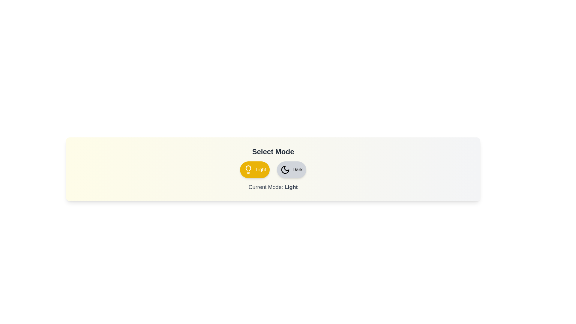 This screenshot has width=576, height=324. What do you see at coordinates (291, 170) in the screenshot?
I see `the 'Dark' button to change the mode` at bounding box center [291, 170].